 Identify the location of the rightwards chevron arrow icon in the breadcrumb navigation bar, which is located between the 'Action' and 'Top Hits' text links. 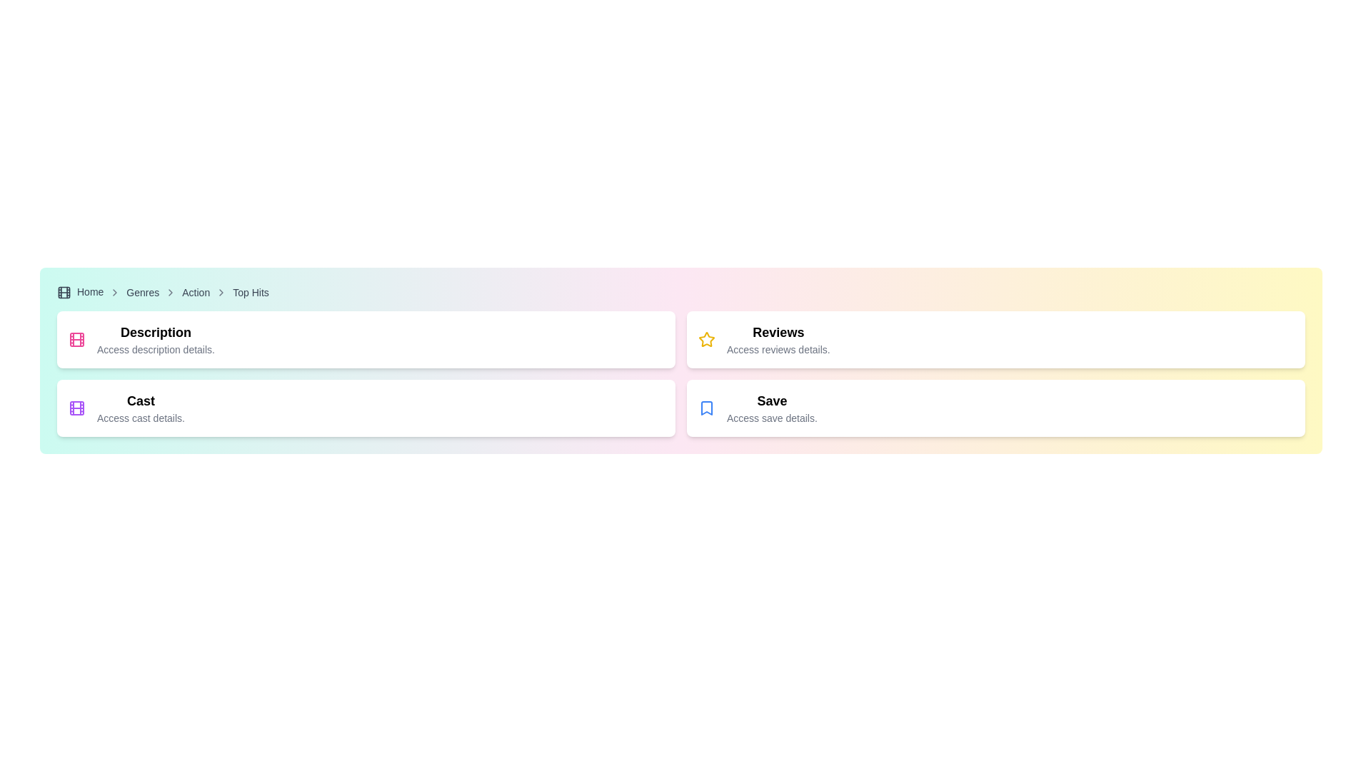
(221, 291).